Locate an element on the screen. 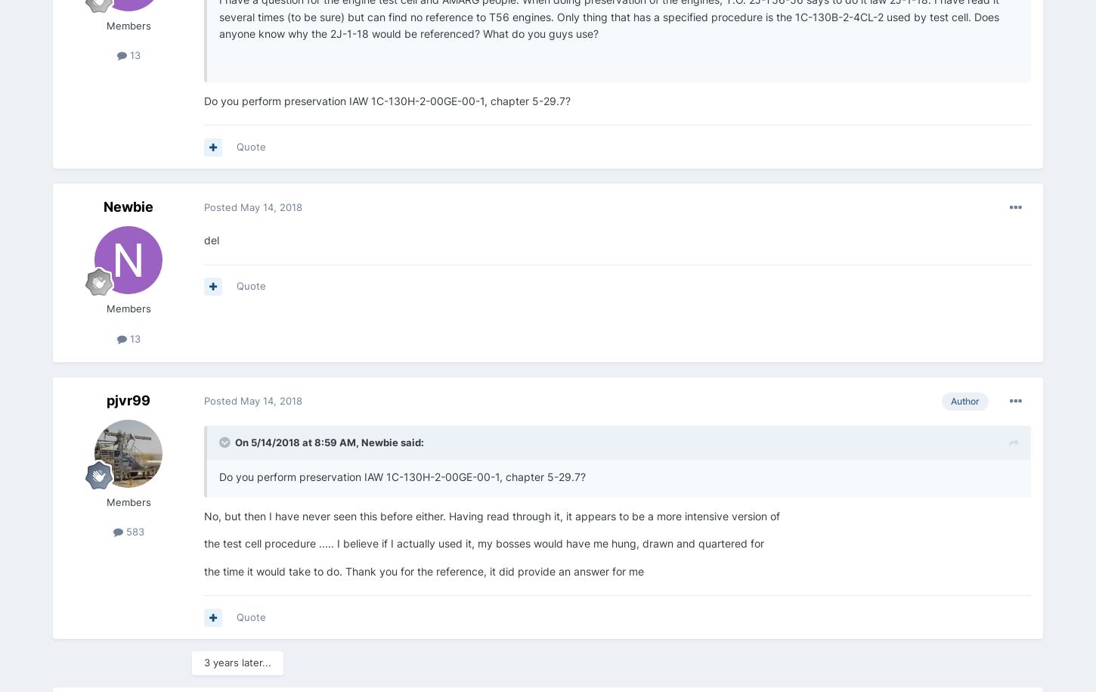 The image size is (1096, 692). '3 years later...' is located at coordinates (203, 662).